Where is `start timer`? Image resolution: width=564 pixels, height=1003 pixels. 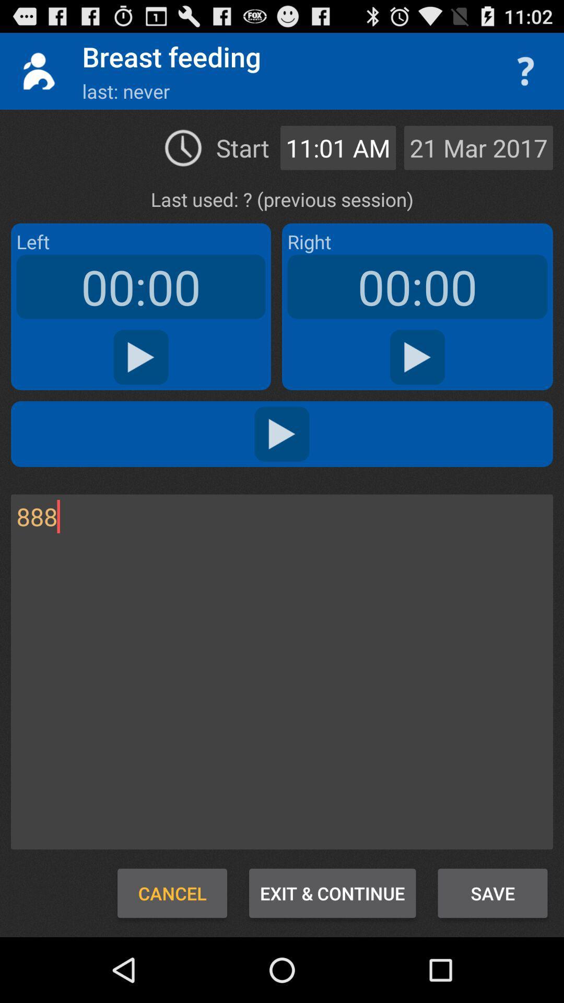 start timer is located at coordinates (417, 357).